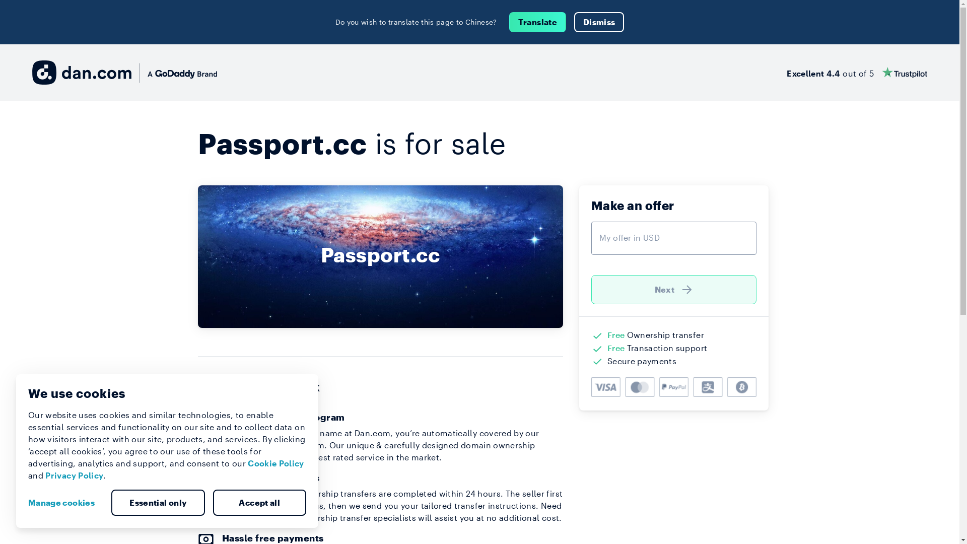  Describe the element at coordinates (674, 289) in the screenshot. I see `'Next` at that location.